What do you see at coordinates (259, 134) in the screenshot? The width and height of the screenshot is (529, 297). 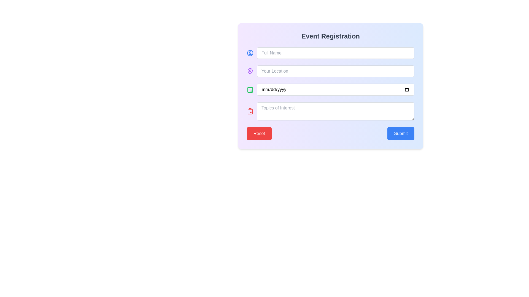 I see `and activate the reset button located to the left of the 'Submit' button at the bottom of the form` at bounding box center [259, 134].